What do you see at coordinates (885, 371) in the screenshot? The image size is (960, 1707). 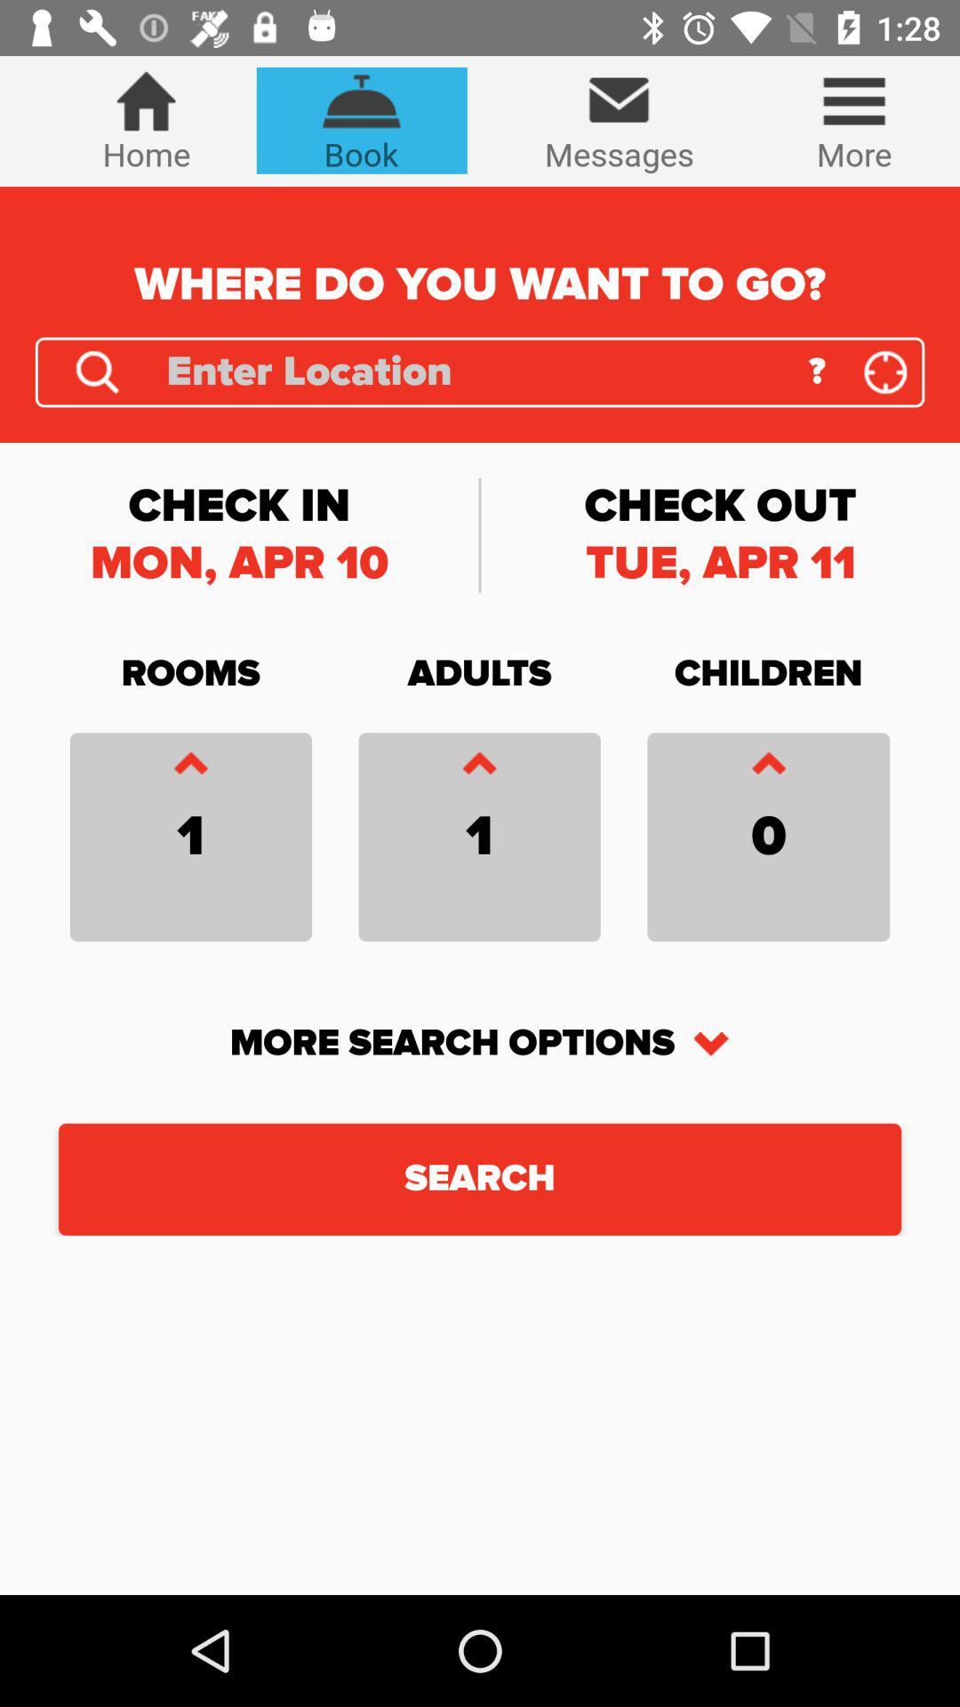 I see `location` at bounding box center [885, 371].